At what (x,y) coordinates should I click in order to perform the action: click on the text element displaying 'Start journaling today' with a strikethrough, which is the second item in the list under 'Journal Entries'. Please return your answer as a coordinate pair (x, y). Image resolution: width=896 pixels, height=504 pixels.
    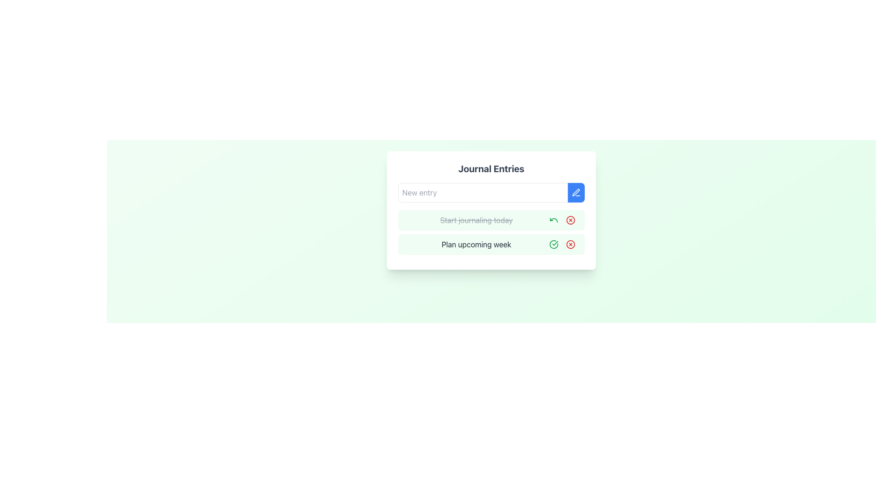
    Looking at the image, I should click on (476, 220).